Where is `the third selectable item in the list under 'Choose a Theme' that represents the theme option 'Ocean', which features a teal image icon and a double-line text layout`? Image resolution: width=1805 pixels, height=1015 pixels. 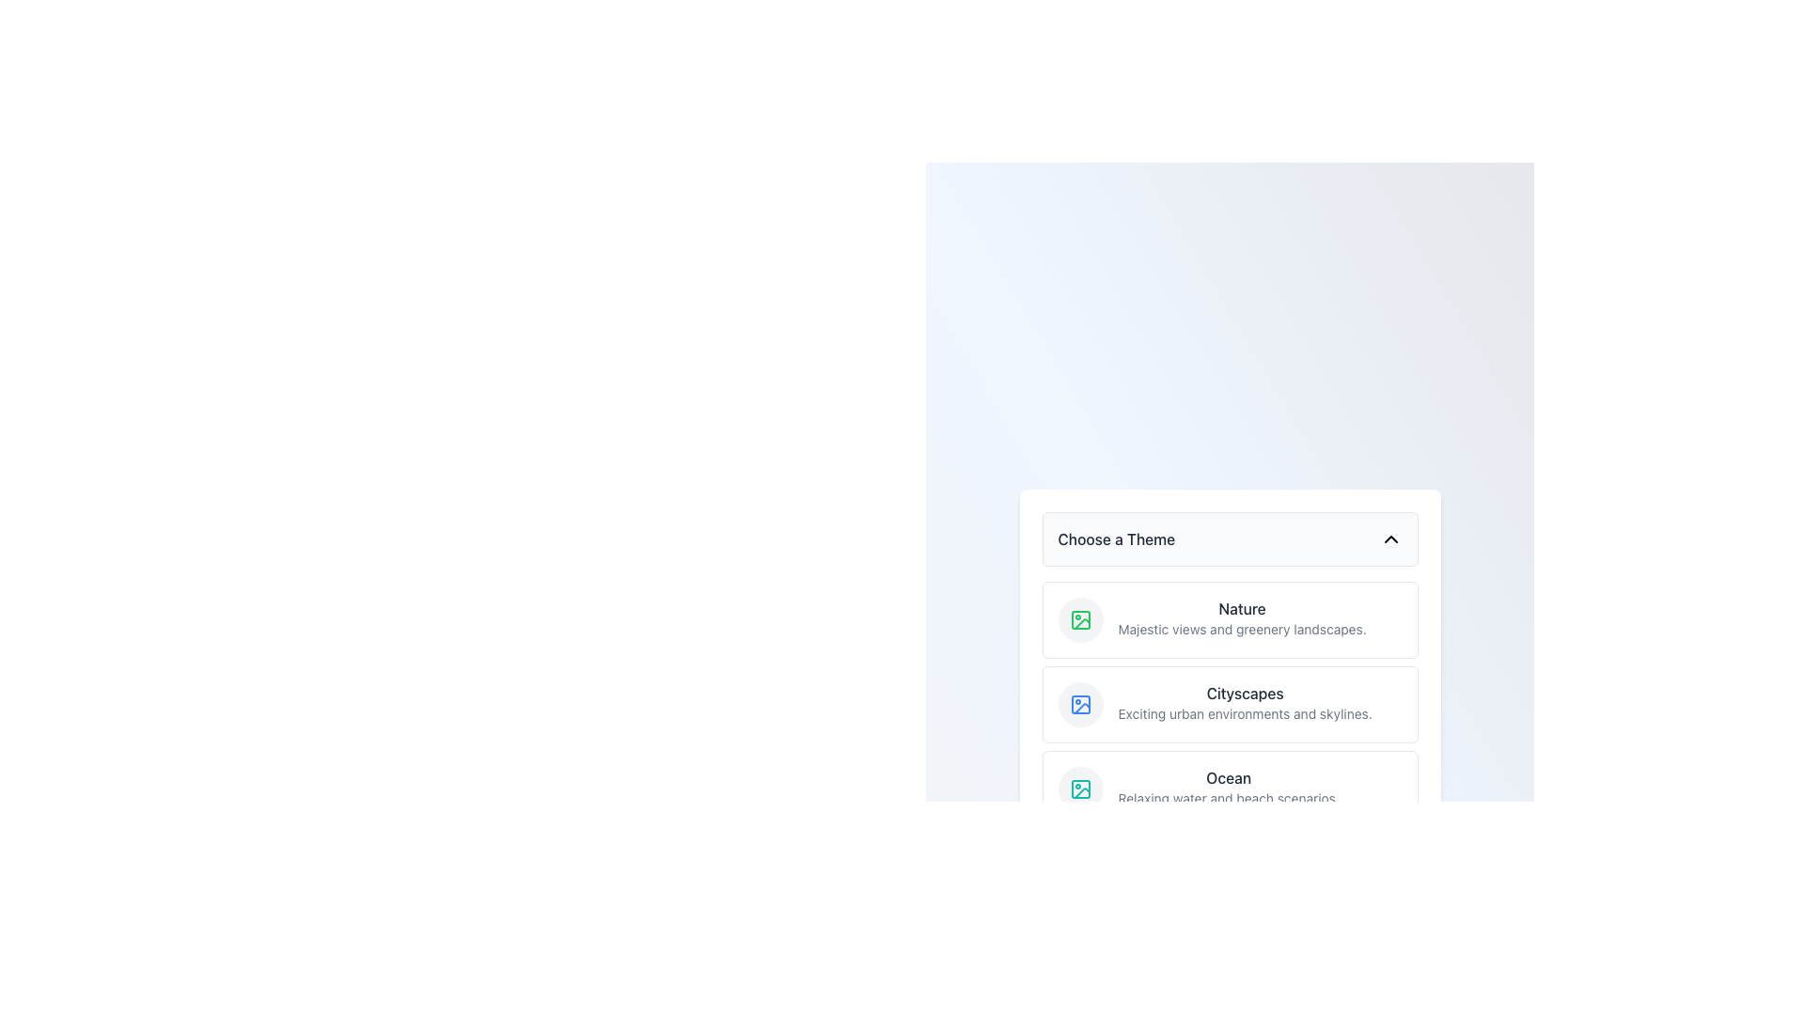 the third selectable item in the list under 'Choose a Theme' that represents the theme option 'Ocean', which features a teal image icon and a double-line text layout is located at coordinates (1198, 789).